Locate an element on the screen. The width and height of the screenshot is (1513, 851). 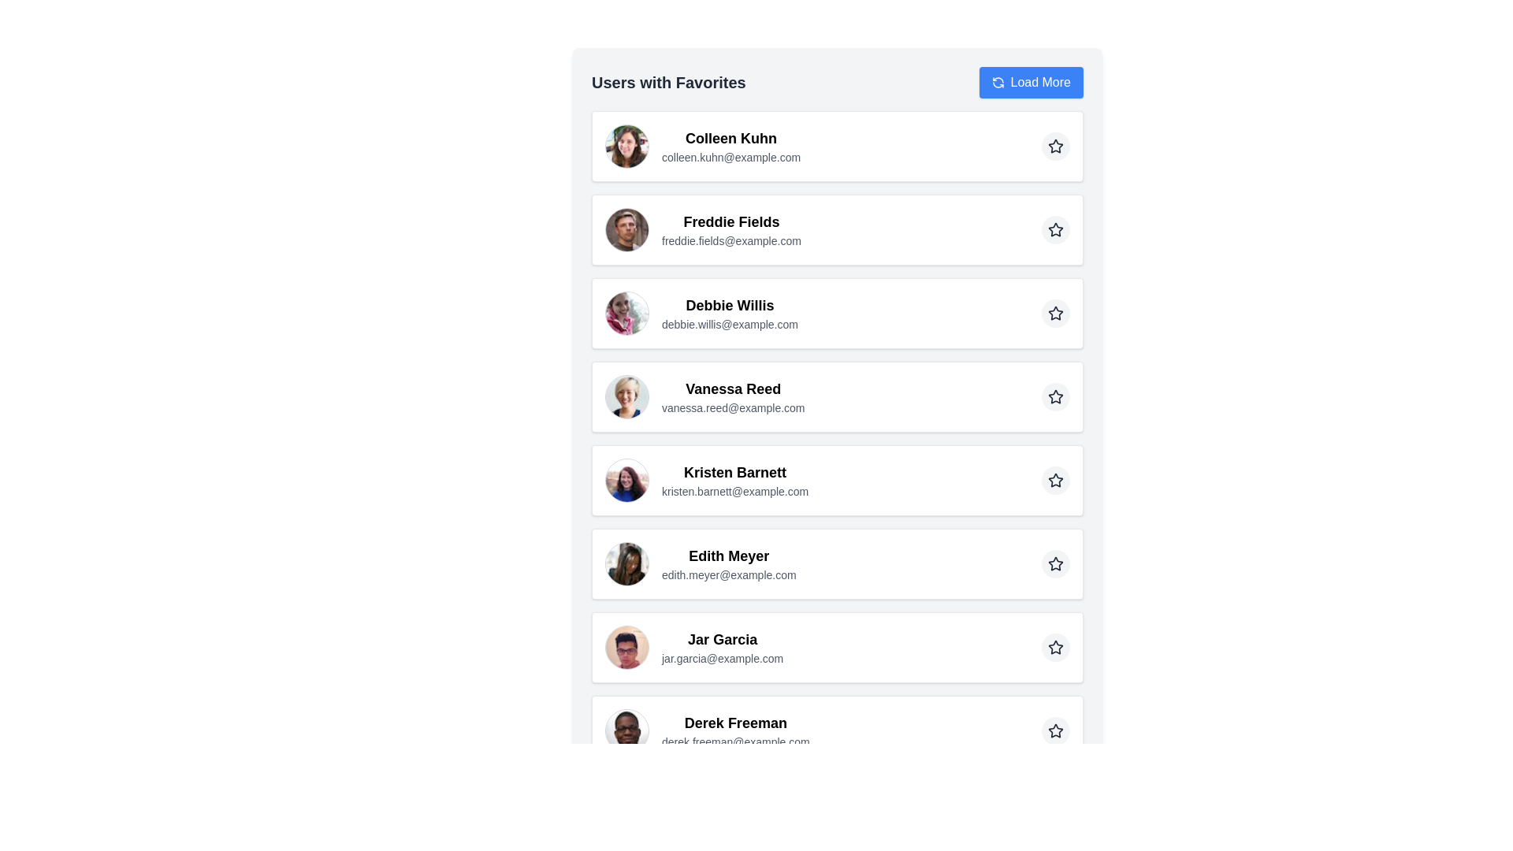
the favorite button located at the far-right side of the row for the user 'Freddie Fields' is located at coordinates (1055, 230).